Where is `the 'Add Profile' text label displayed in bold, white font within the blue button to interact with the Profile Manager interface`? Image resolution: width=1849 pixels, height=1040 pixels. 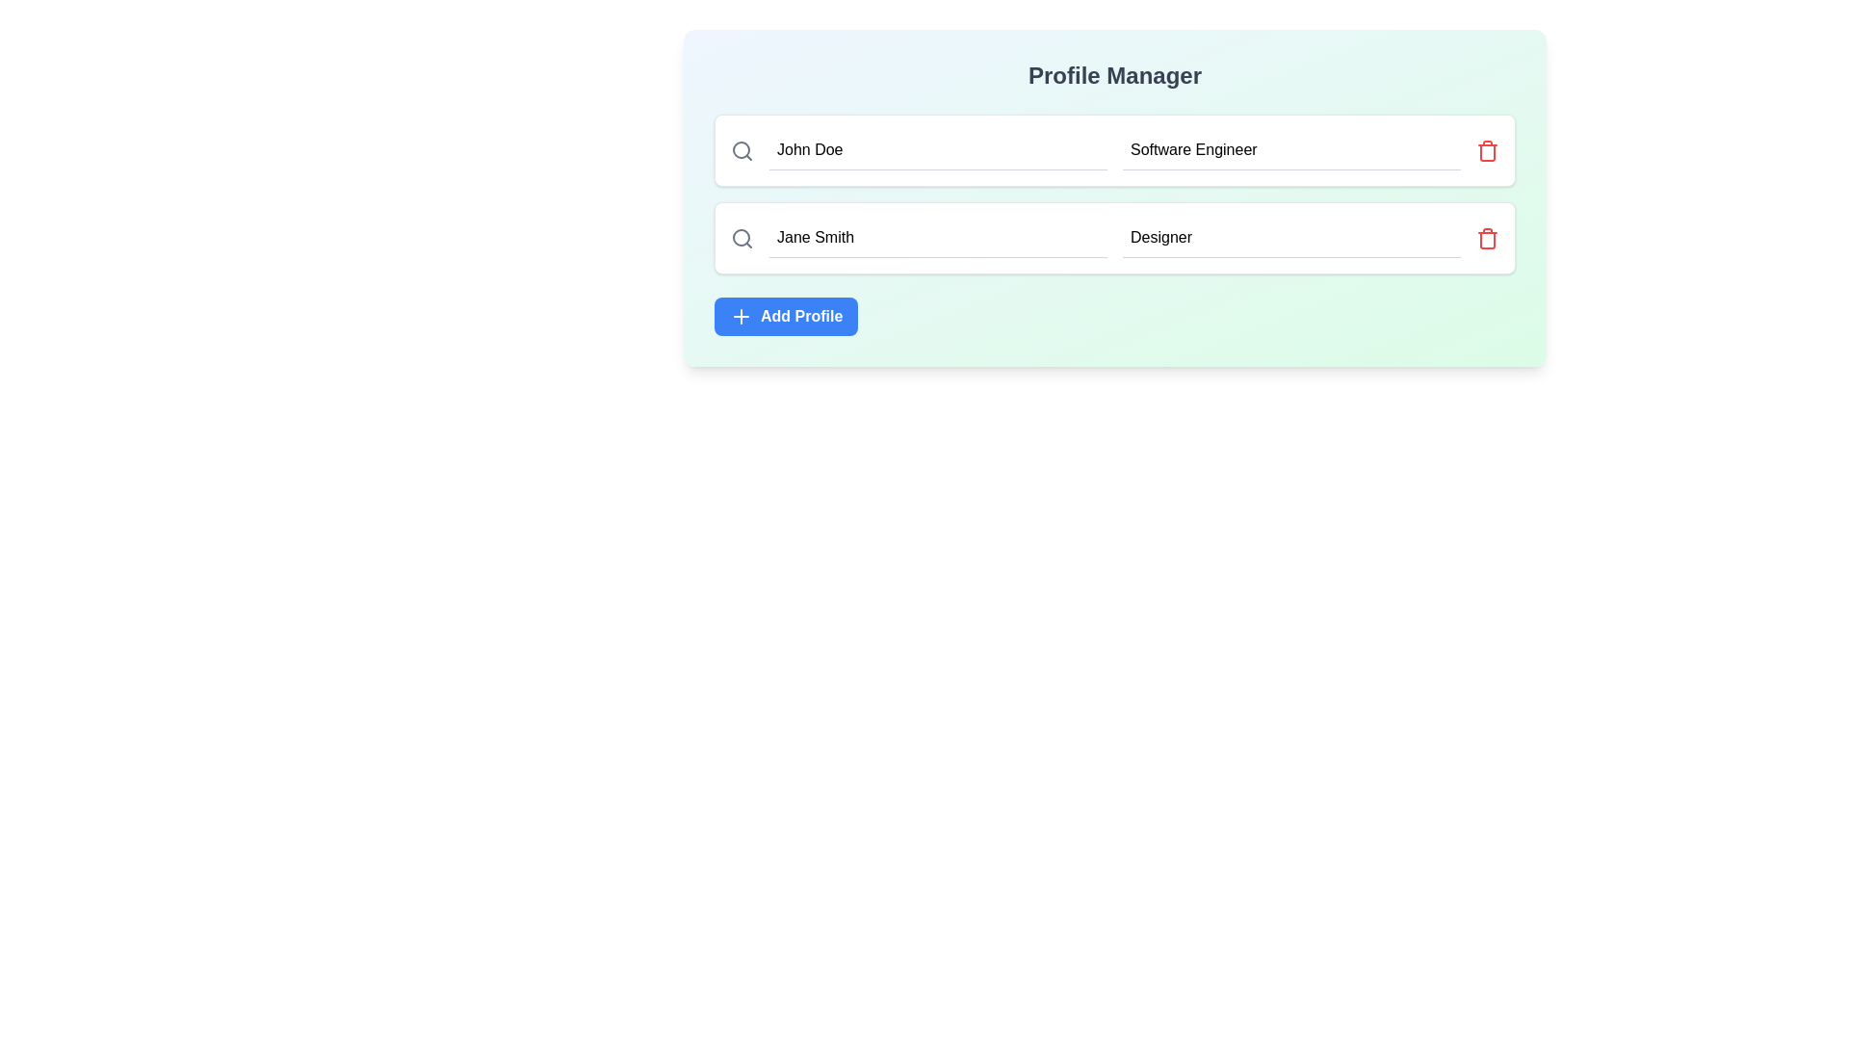 the 'Add Profile' text label displayed in bold, white font within the blue button to interact with the Profile Manager interface is located at coordinates (800, 315).